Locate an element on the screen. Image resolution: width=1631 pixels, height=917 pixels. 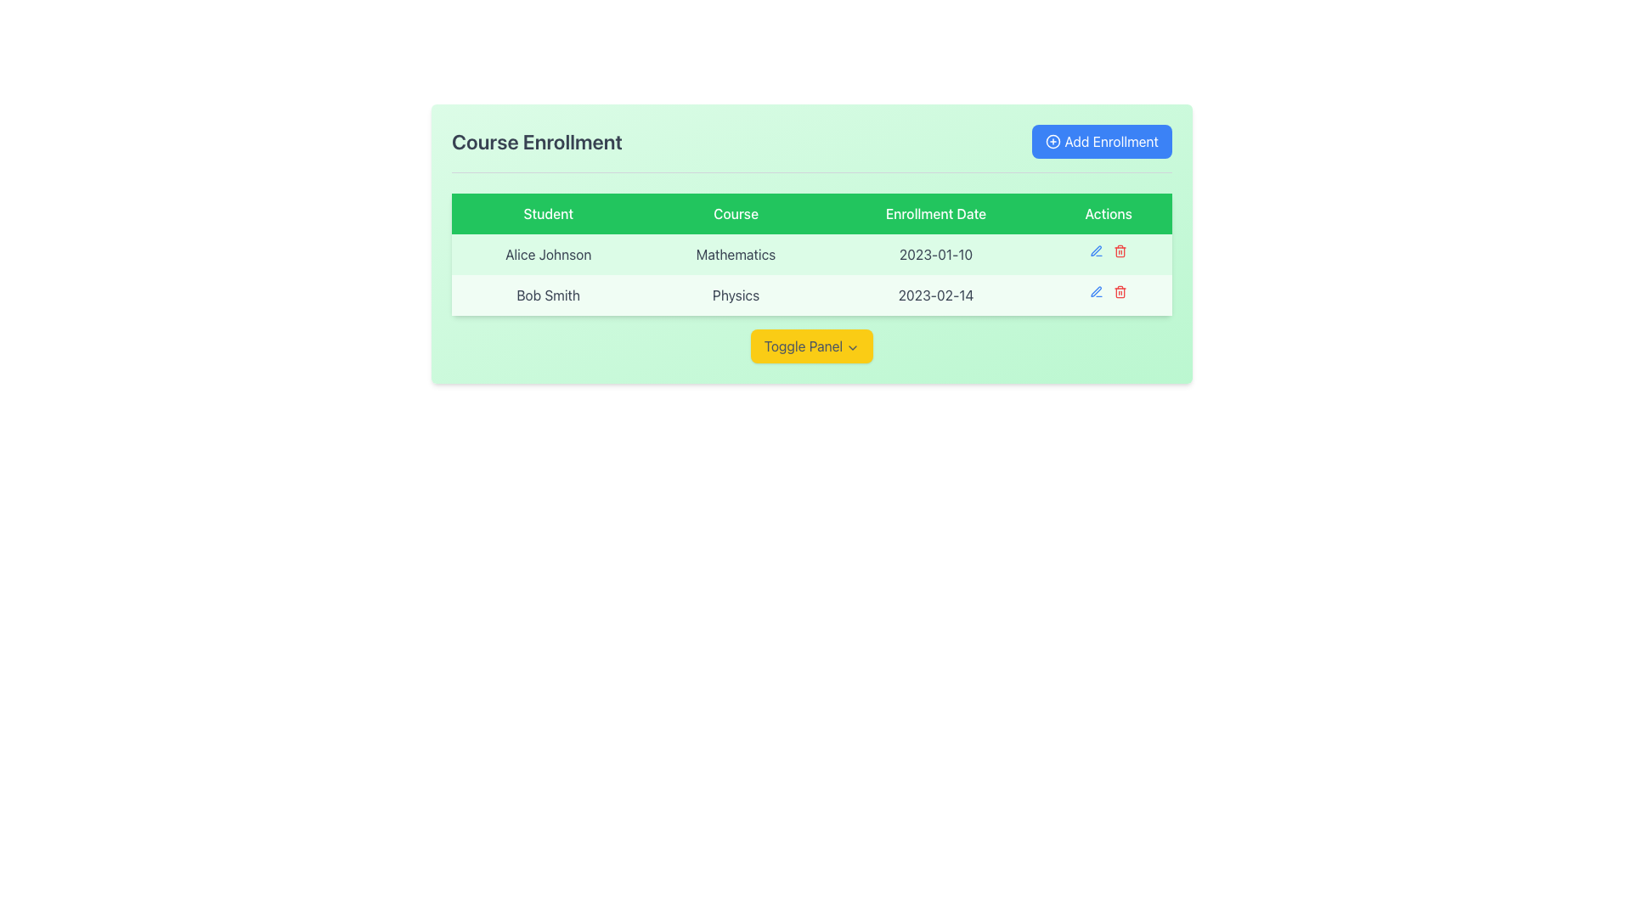
the Text Label that serves as the header for the course names column in the course enrollment interface, located between the 'Student' column and the 'Enrollment Date' column is located at coordinates (736, 212).